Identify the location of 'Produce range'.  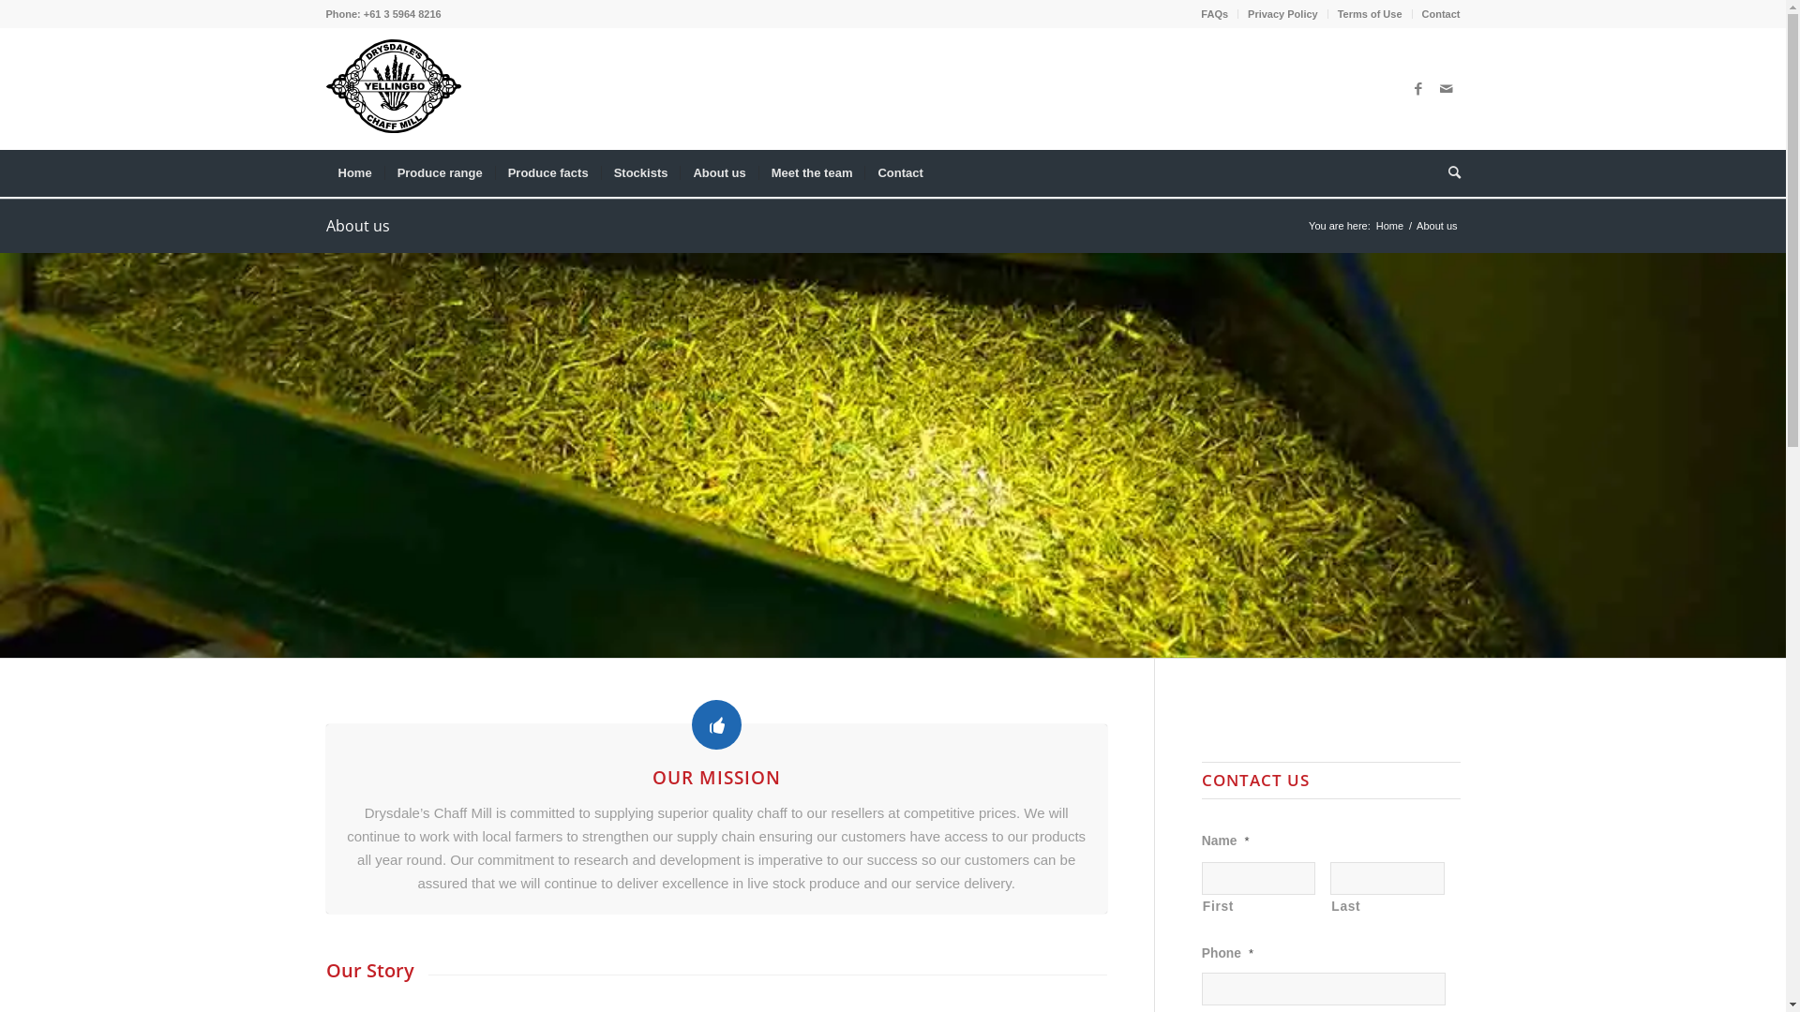
(439, 173).